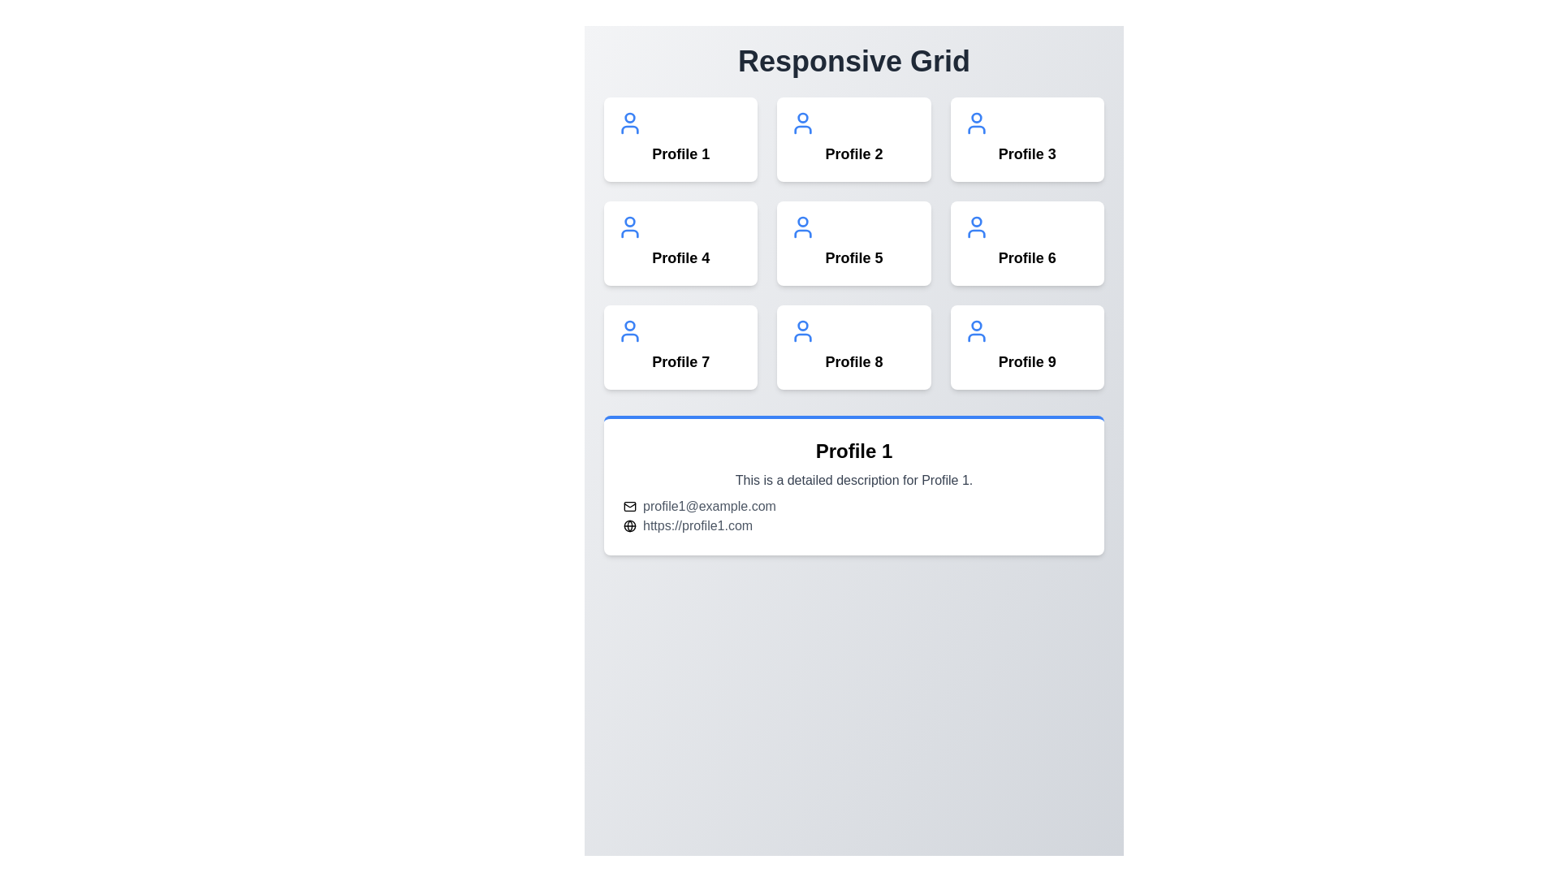 Image resolution: width=1559 pixels, height=877 pixels. Describe the element at coordinates (803, 222) in the screenshot. I see `the circular SVG element representing a detail of the user profile icon located at the center of the 'Profile 5' card in the grid` at that location.